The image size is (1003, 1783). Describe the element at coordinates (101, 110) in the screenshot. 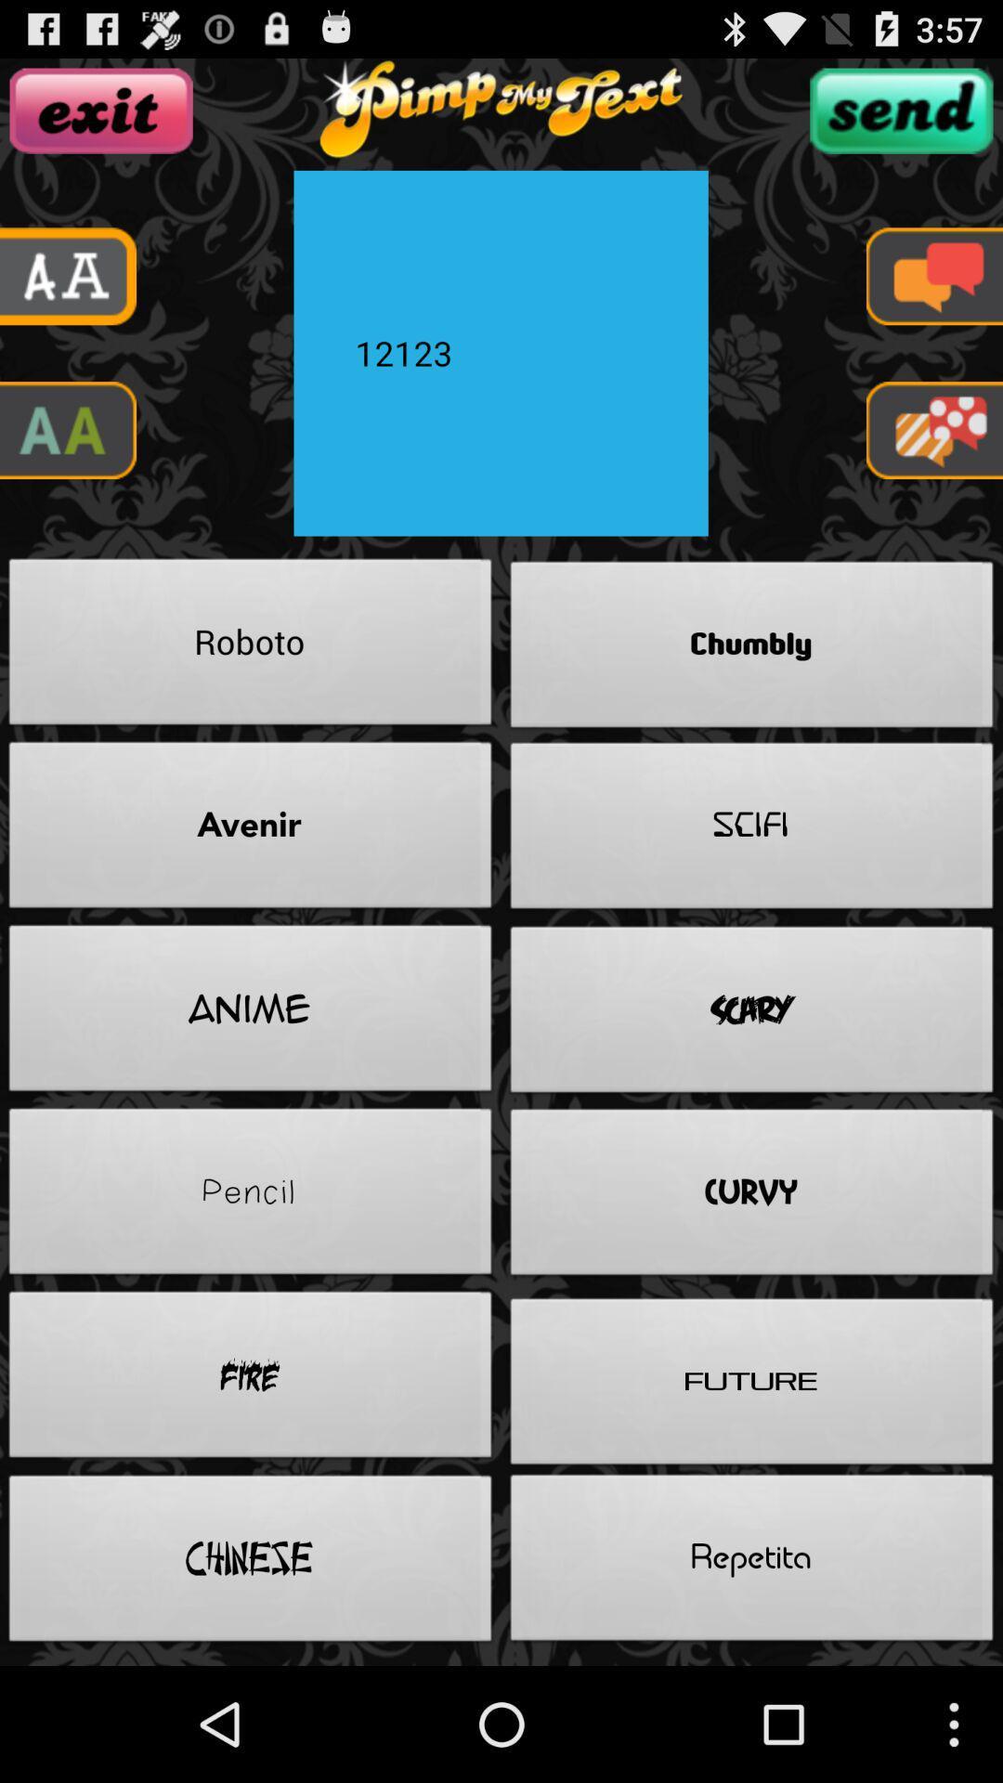

I see `click exit` at that location.